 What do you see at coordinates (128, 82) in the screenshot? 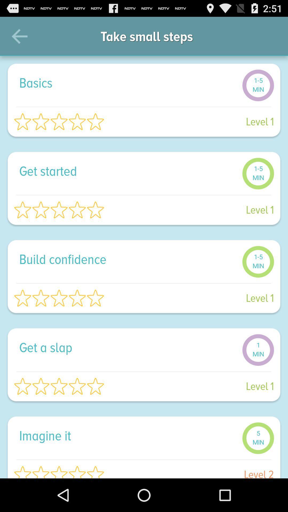
I see `the basics icon` at bounding box center [128, 82].